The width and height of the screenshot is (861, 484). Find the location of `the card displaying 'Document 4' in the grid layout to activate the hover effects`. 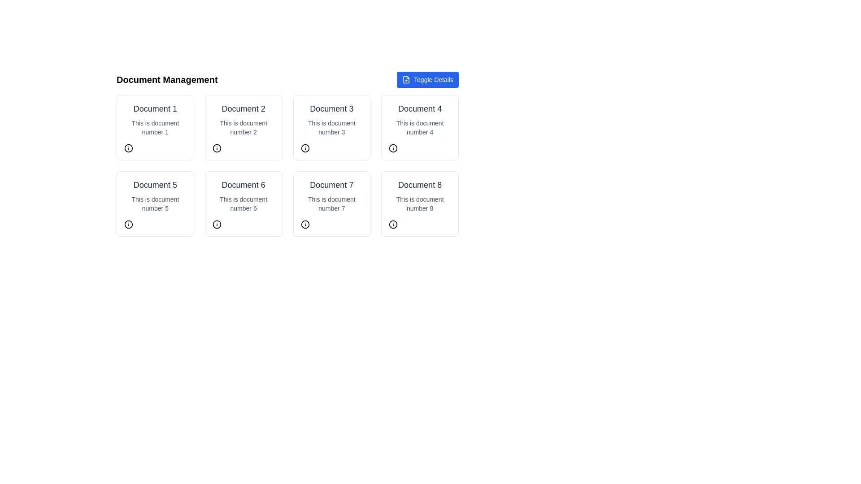

the card displaying 'Document 4' in the grid layout to activate the hover effects is located at coordinates (419, 128).